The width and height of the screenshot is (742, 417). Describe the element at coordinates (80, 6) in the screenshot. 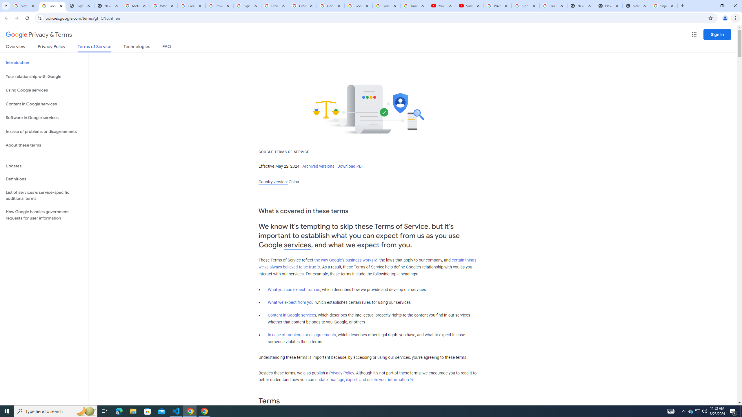

I see `'Sign In - USA TODAY'` at that location.